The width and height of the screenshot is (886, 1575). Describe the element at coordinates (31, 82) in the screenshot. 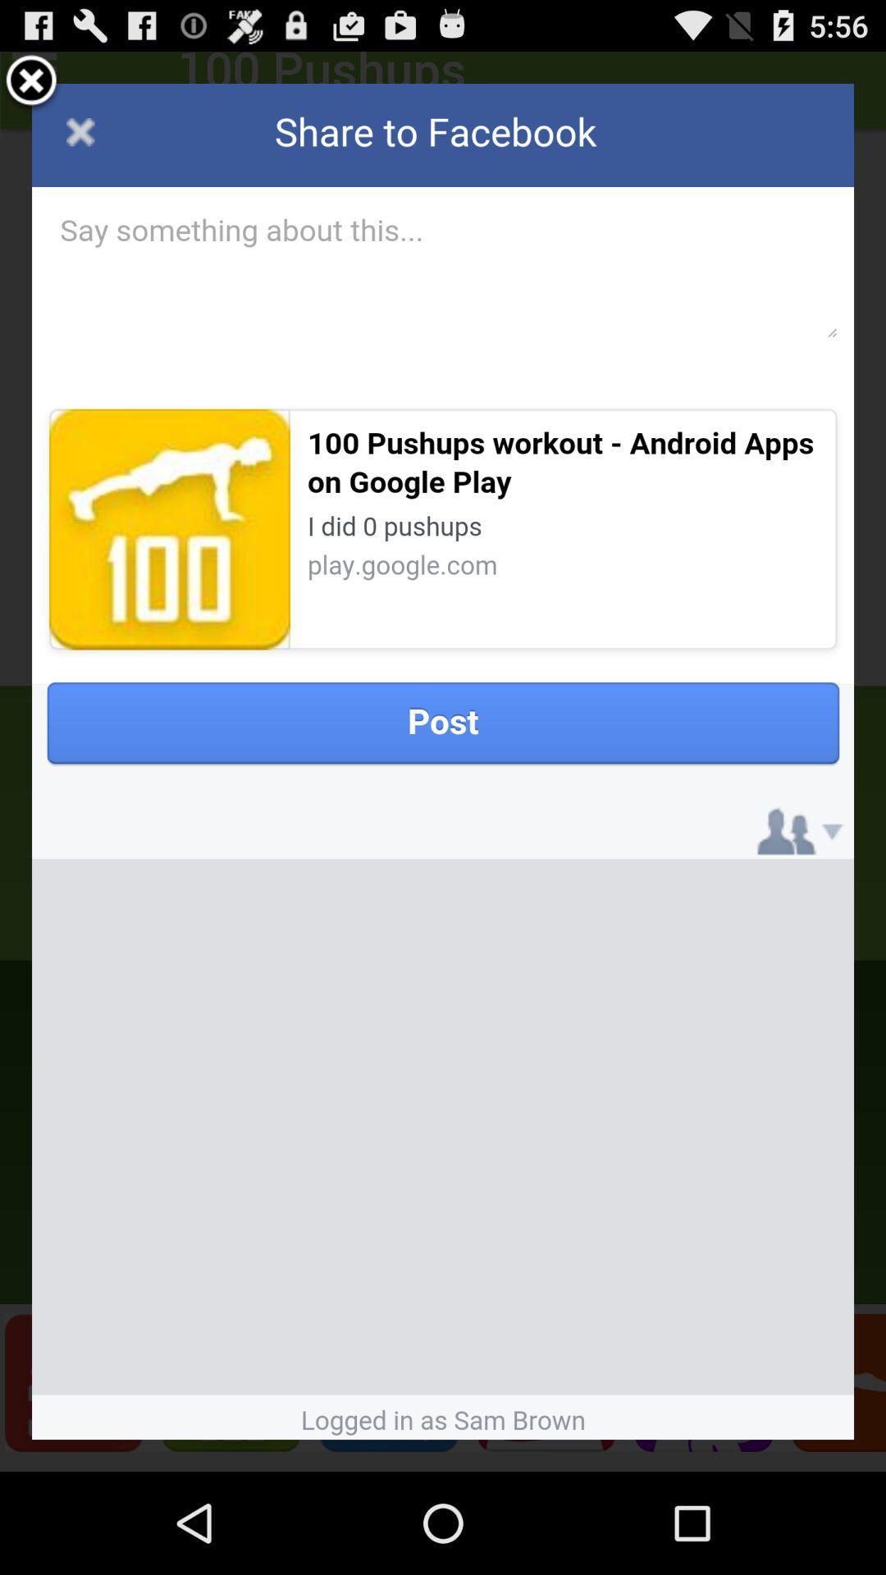

I see `close` at that location.